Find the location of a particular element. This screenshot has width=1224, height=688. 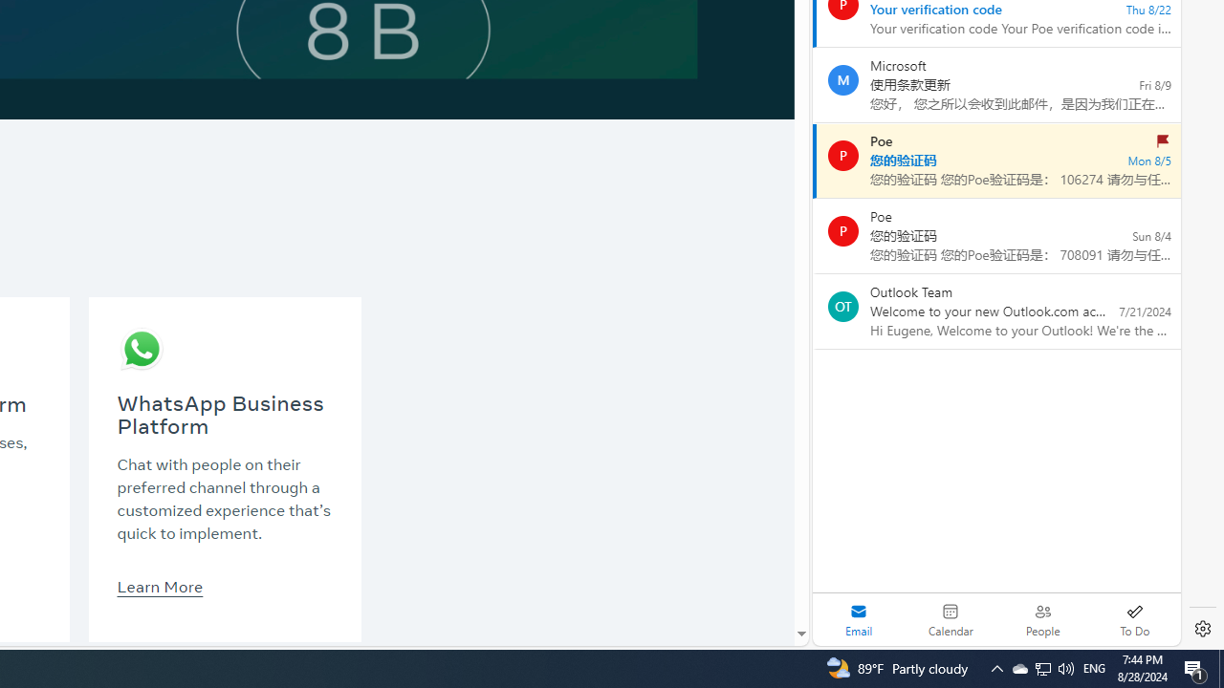

'People' is located at coordinates (1041, 619).